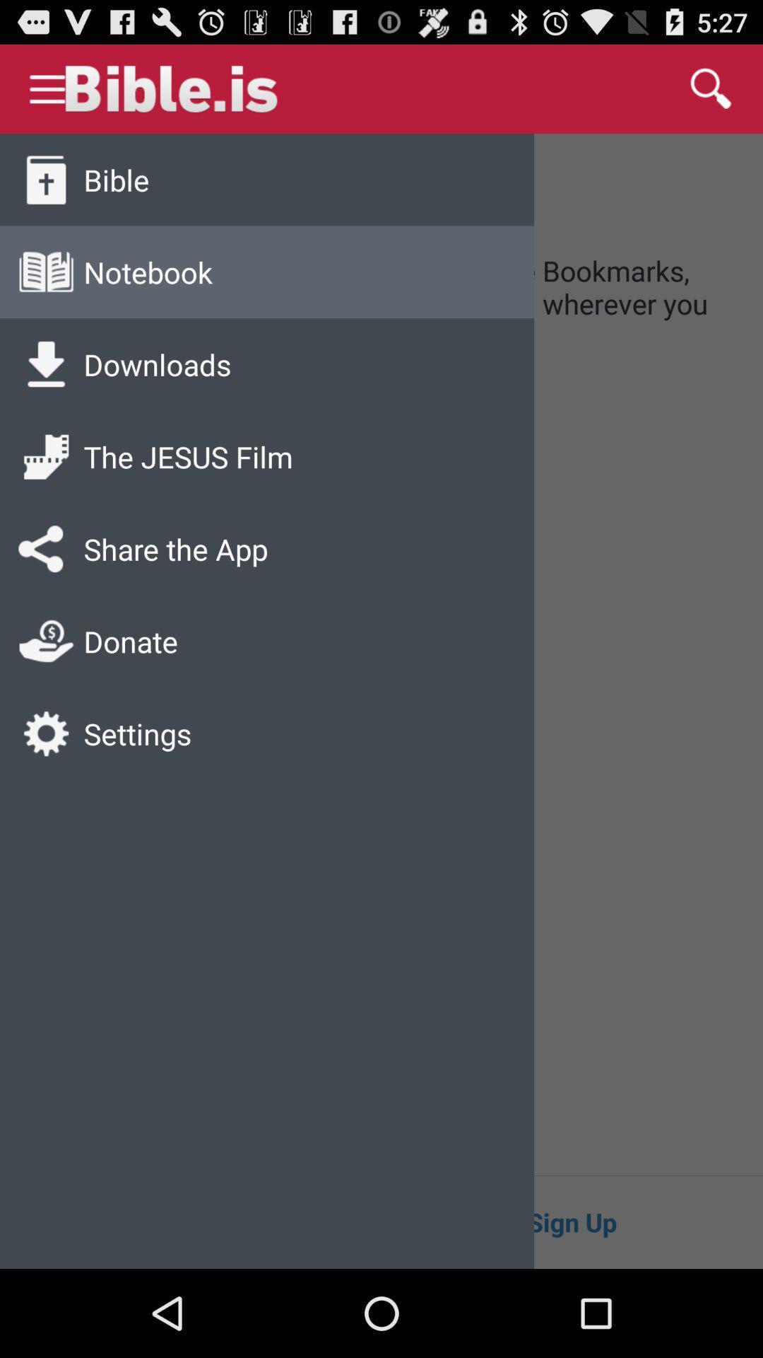  I want to click on the icon beside the jesus film, so click(45, 457).